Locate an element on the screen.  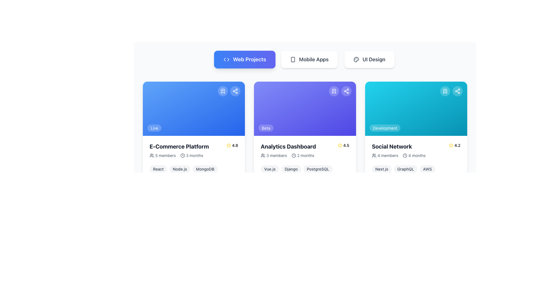
the 'MongoDB' tag, which is a pill-shaped label with rounded corners located below the 'E-Commerce Platform' card in the 'Web Projects' section, positioned to the right of the 'Node.js' tag is located at coordinates (205, 169).